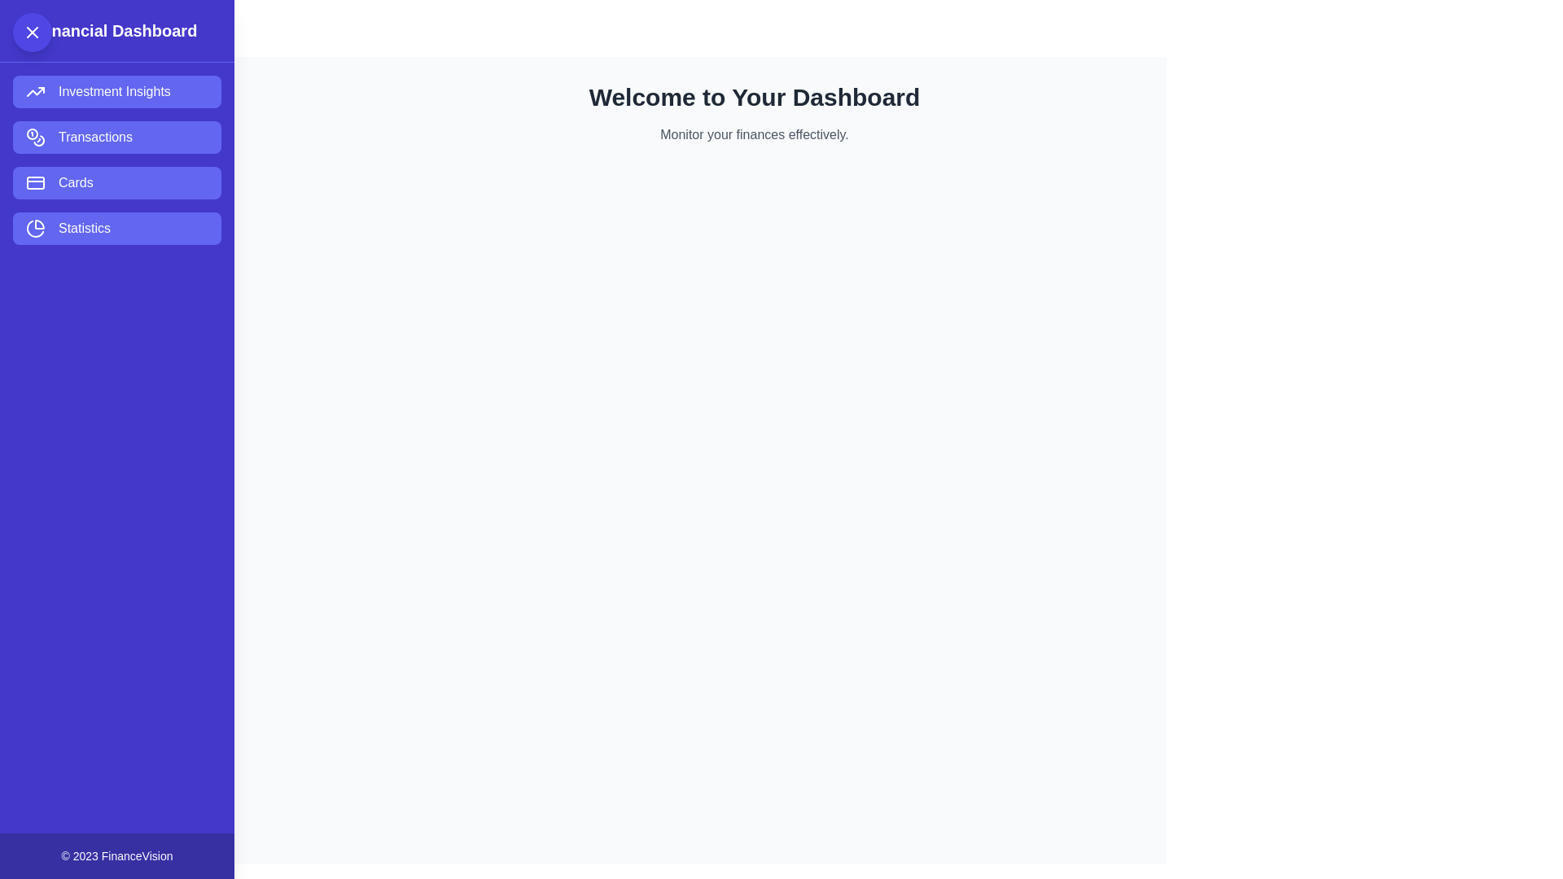  I want to click on the text label displaying '© 2023 FinanceVision' located in the footer section of the interface, which is styled in white color on a dark indigo background, so click(116, 855).